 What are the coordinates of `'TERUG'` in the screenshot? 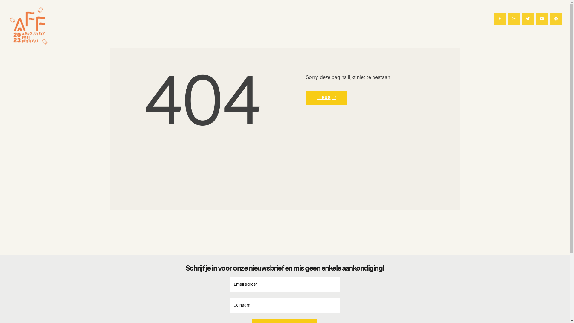 It's located at (326, 97).